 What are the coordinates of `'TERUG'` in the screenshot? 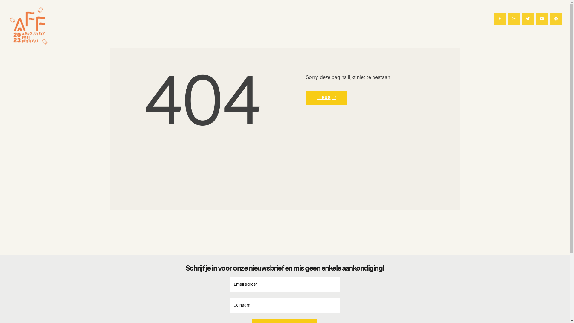 It's located at (326, 97).